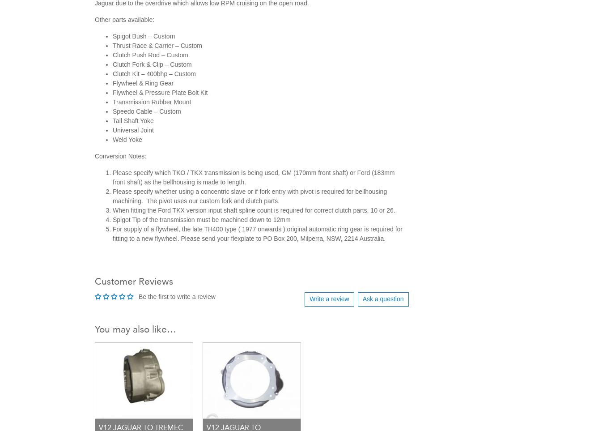  What do you see at coordinates (113, 54) in the screenshot?
I see `'Clutch Push Rod – Custom'` at bounding box center [113, 54].